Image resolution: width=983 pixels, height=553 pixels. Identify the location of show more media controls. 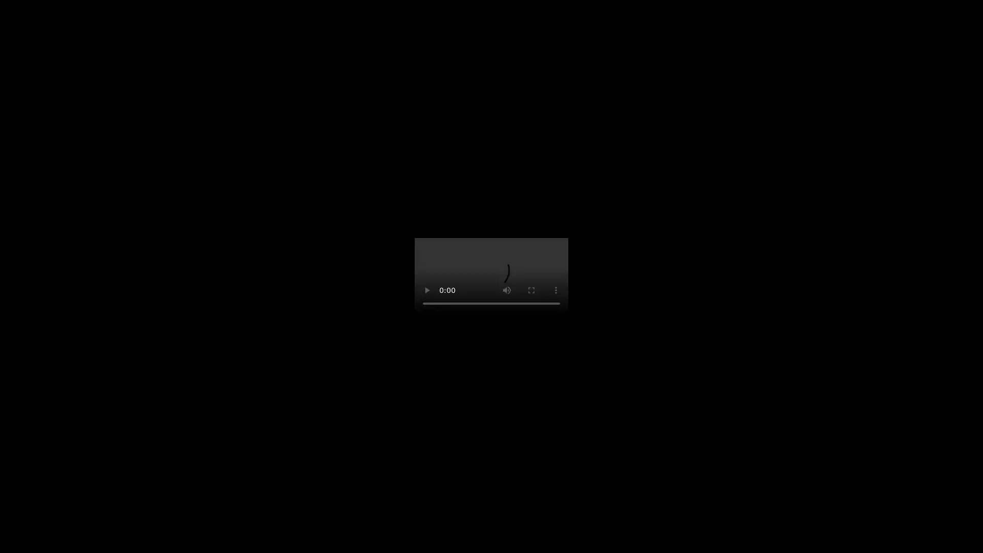
(555, 290).